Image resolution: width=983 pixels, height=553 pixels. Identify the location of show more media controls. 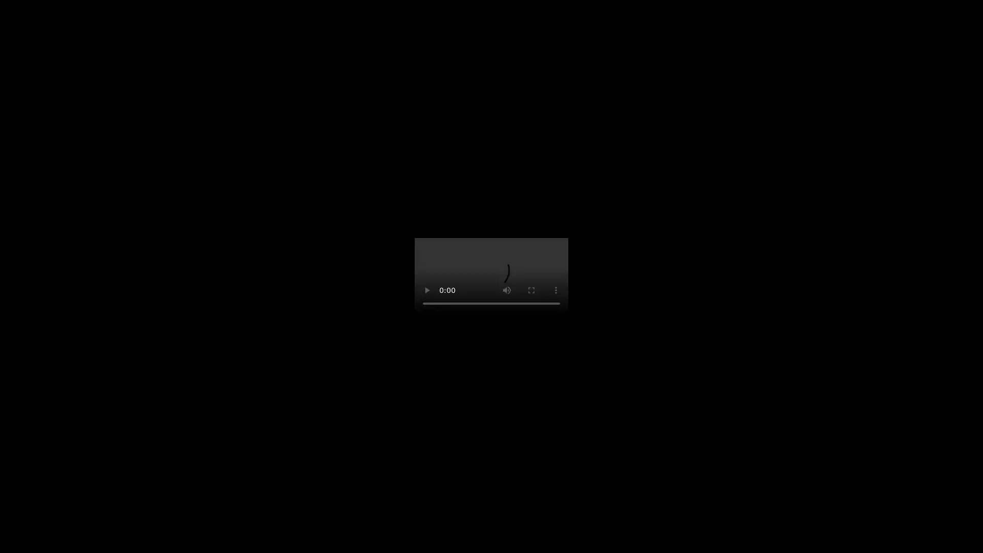
(555, 290).